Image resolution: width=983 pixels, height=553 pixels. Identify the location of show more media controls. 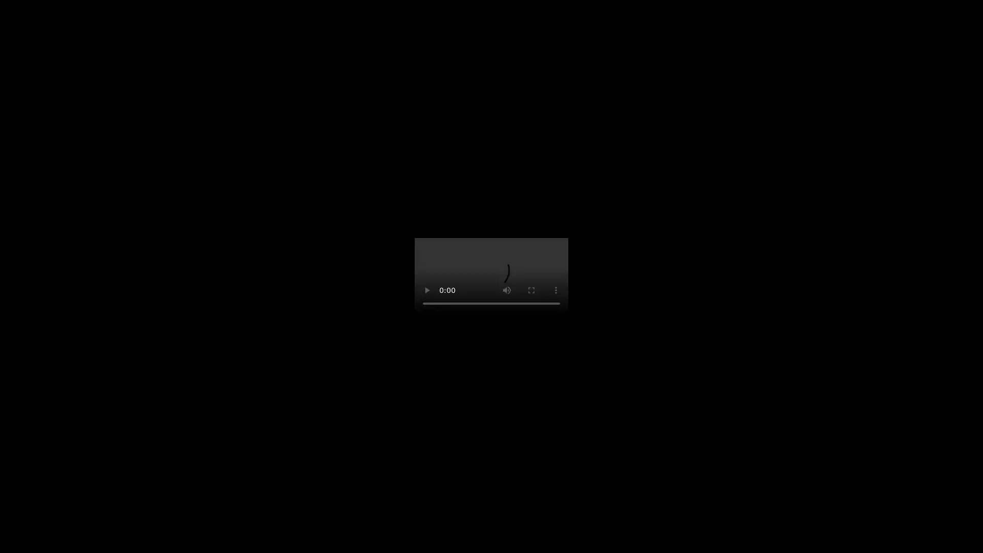
(555, 290).